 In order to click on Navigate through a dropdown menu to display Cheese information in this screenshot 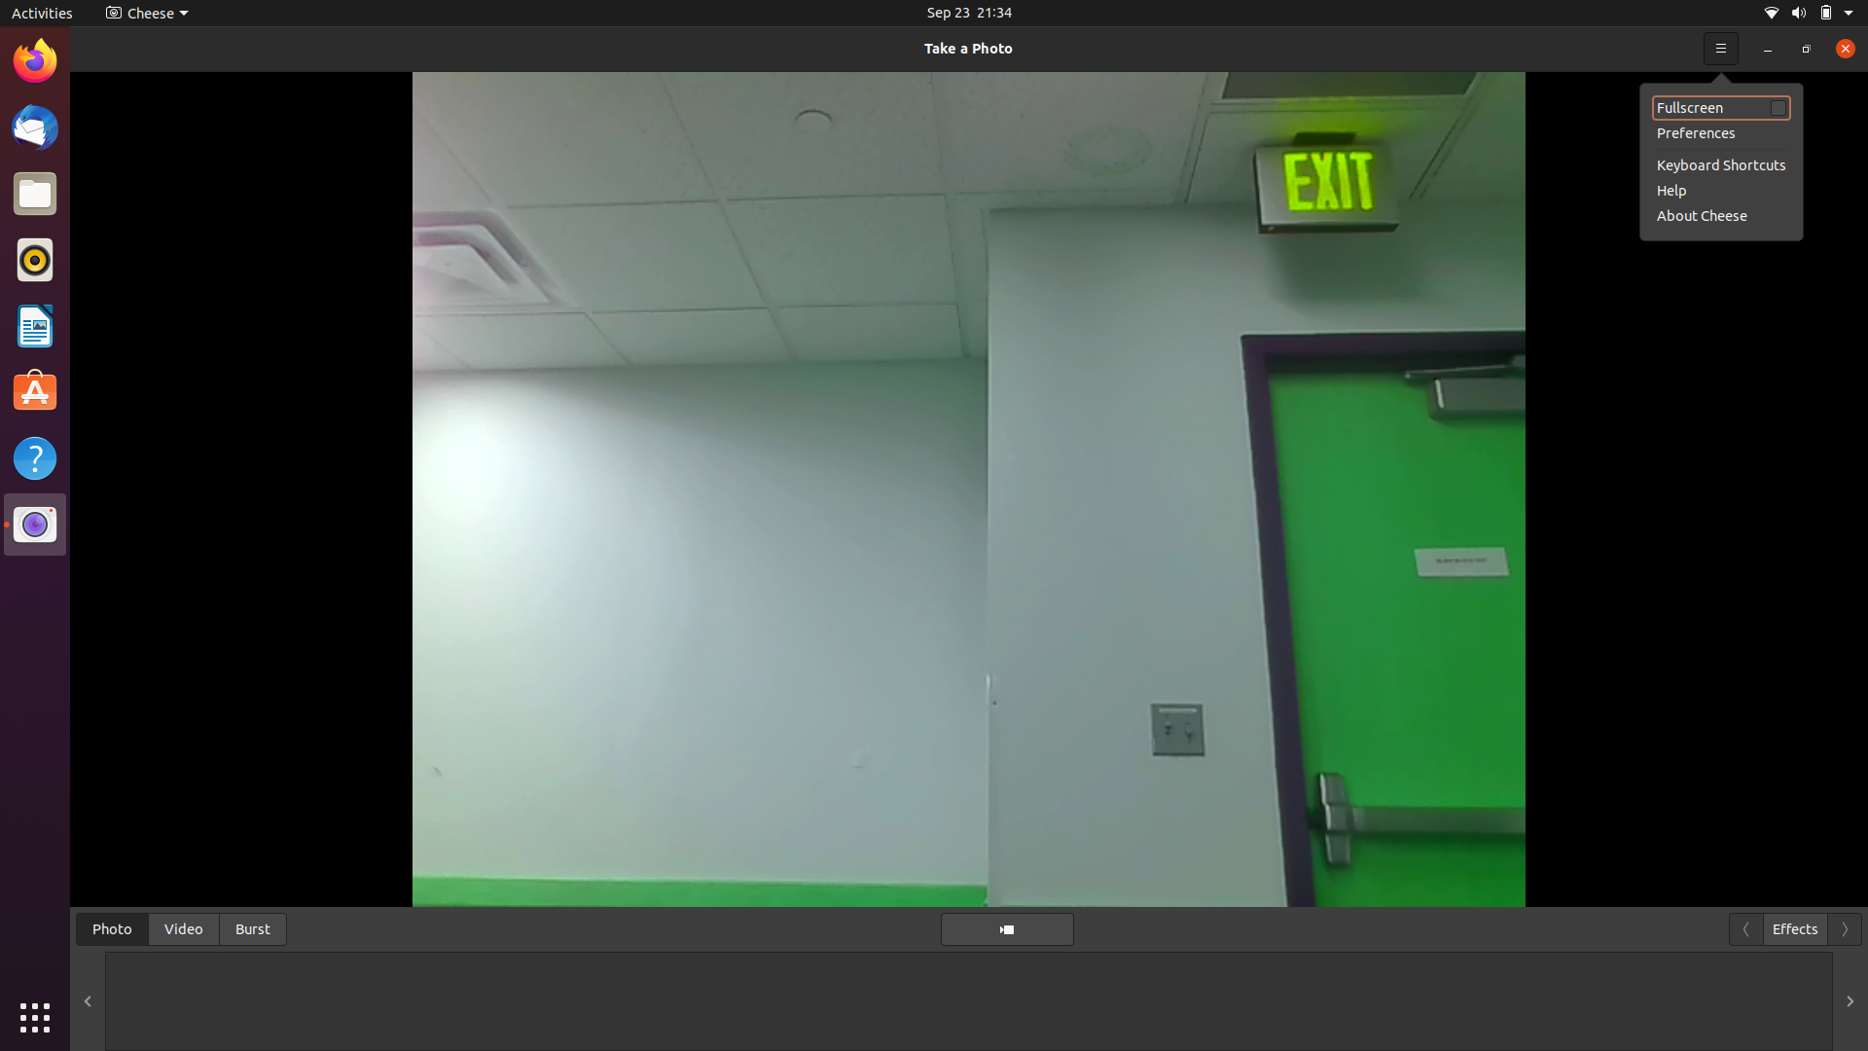, I will do `click(1839, 47)`.